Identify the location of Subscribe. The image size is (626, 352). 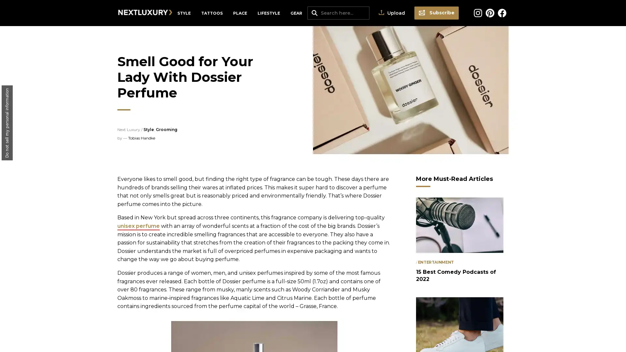
(437, 13).